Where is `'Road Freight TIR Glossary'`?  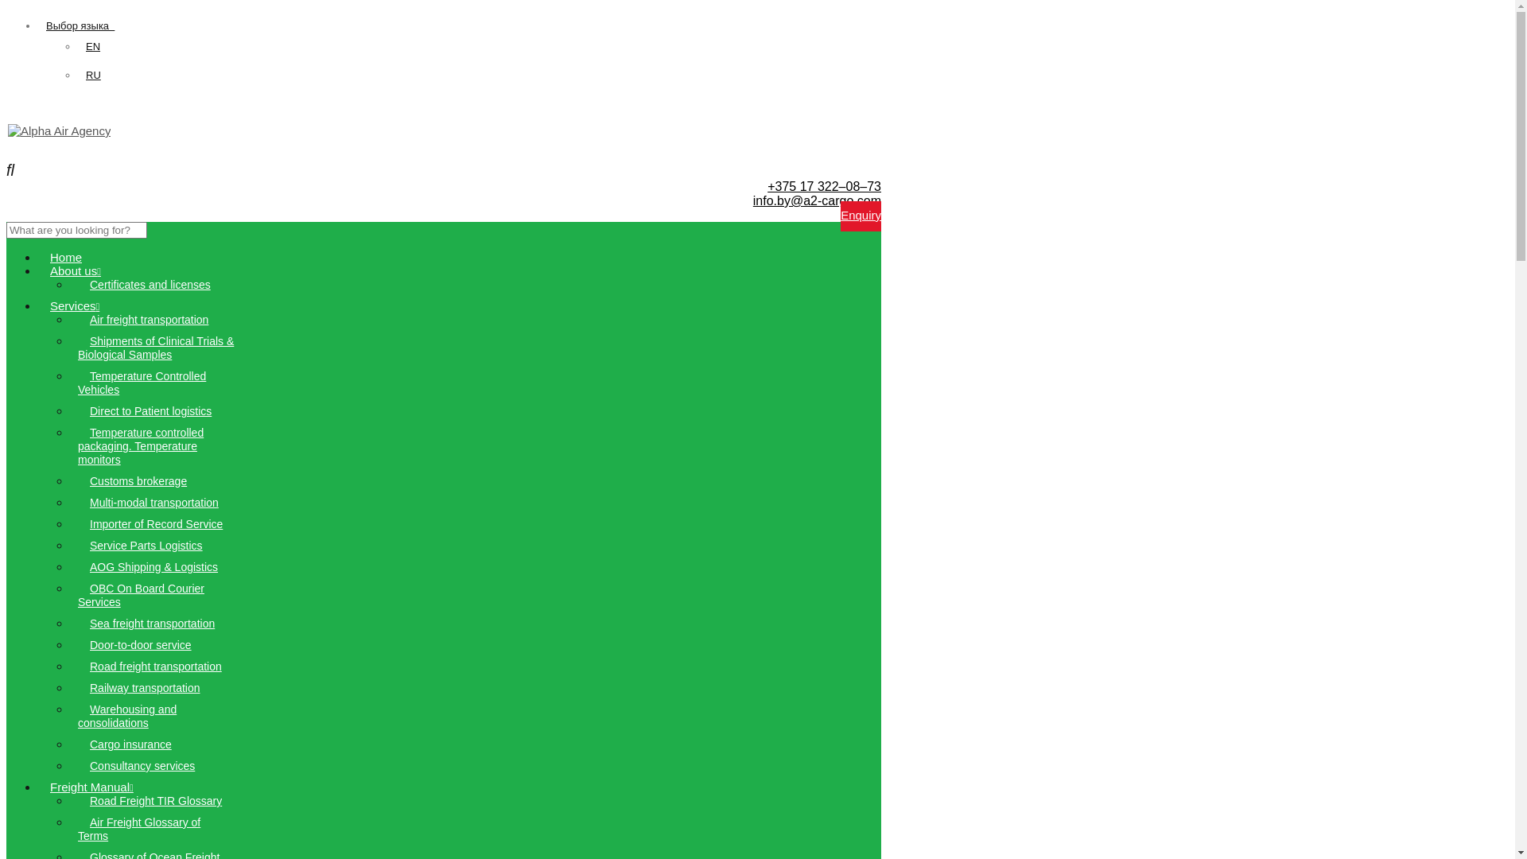
'Road Freight TIR Glossary' is located at coordinates (156, 800).